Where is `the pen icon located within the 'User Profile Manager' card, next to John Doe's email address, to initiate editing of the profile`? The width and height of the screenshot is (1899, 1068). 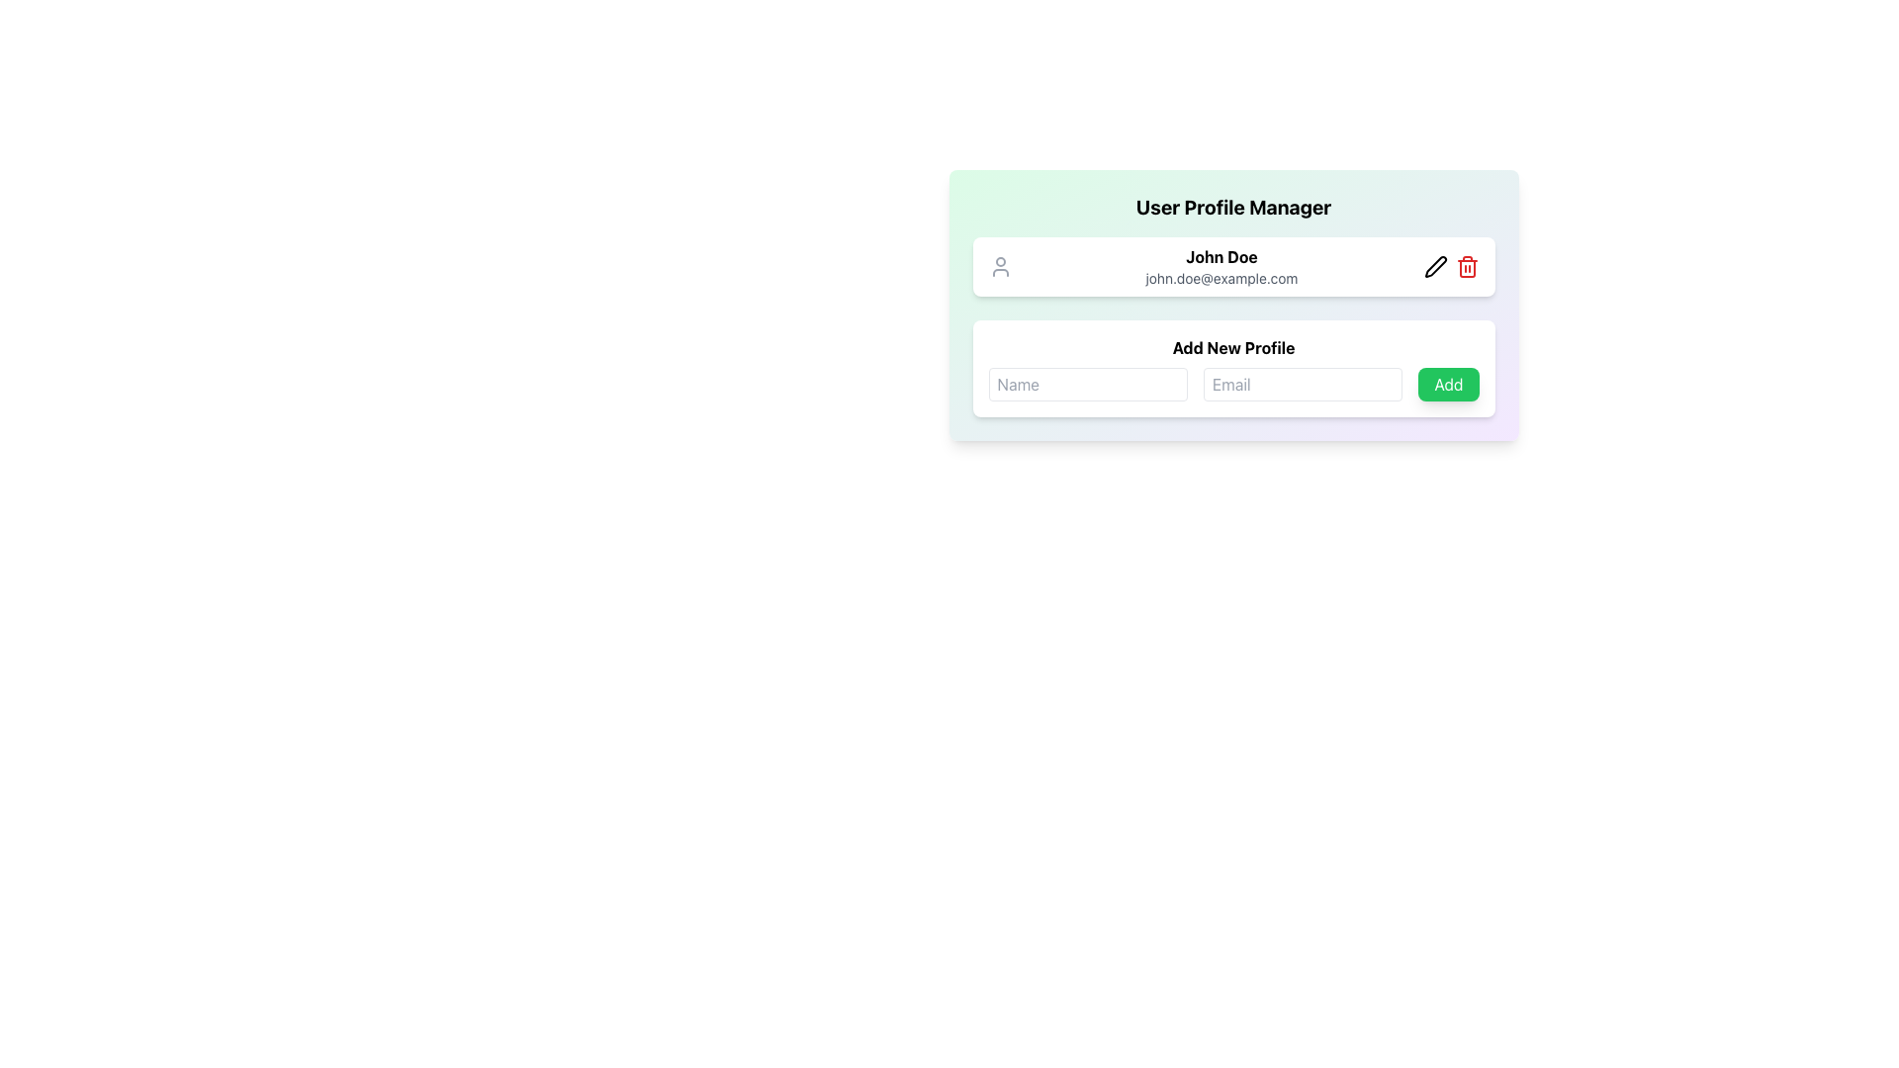
the pen icon located within the 'User Profile Manager' card, next to John Doe's email address, to initiate editing of the profile is located at coordinates (1435, 267).